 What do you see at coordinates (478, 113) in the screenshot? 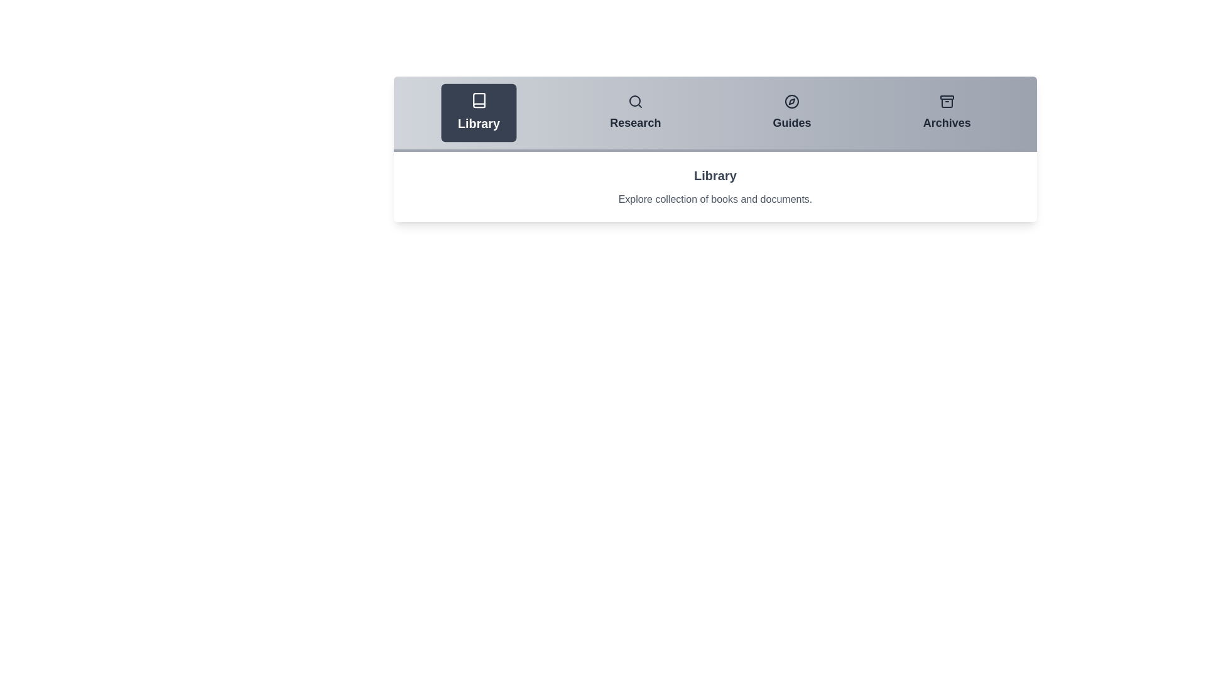
I see `the Library tab to view its contents` at bounding box center [478, 113].